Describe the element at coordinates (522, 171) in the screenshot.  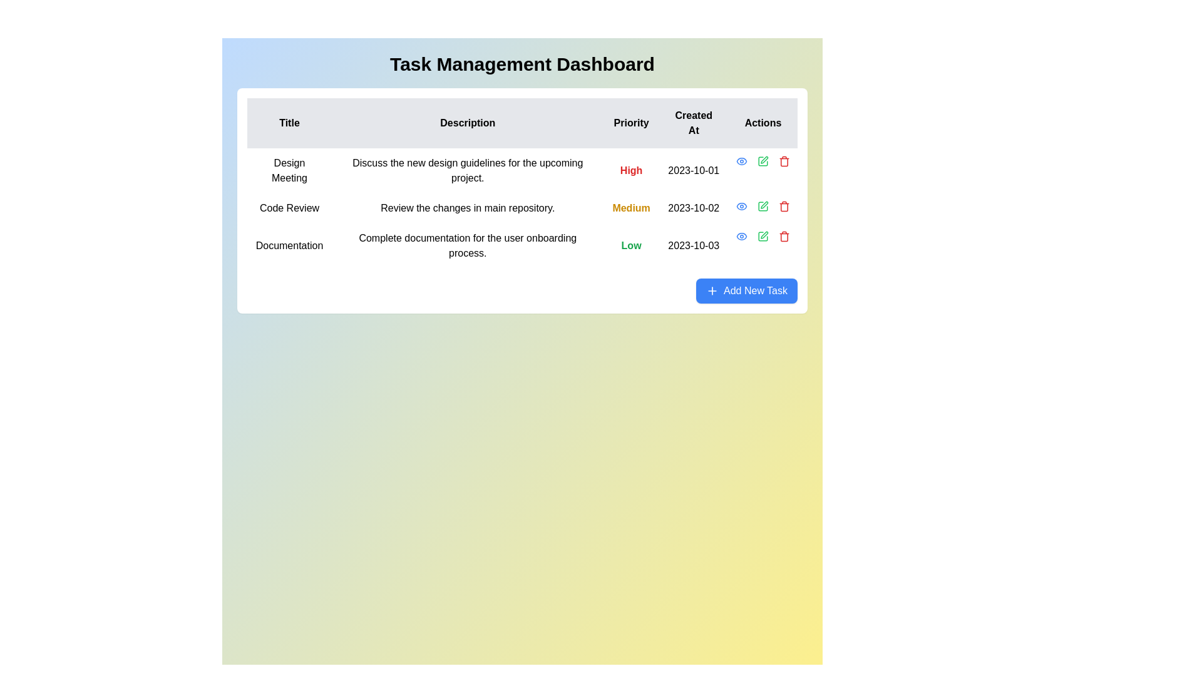
I see `the first row of the task management table` at that location.